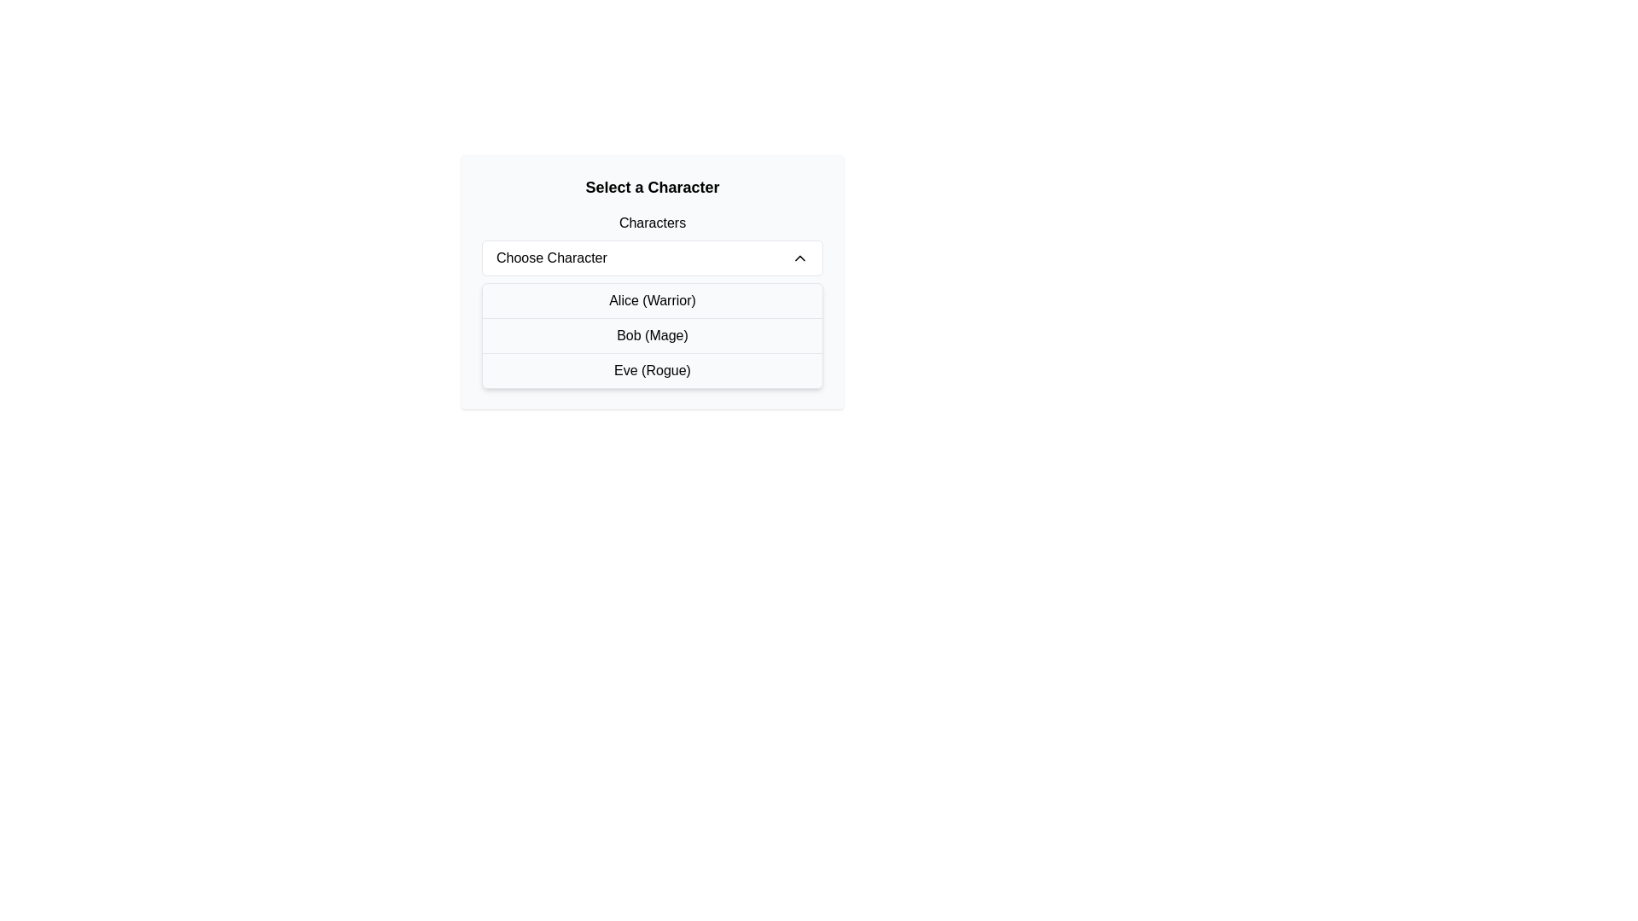 The image size is (1638, 921). Describe the element at coordinates (651, 258) in the screenshot. I see `the Dropdown toggle button labeled 'Choose Character'` at that location.